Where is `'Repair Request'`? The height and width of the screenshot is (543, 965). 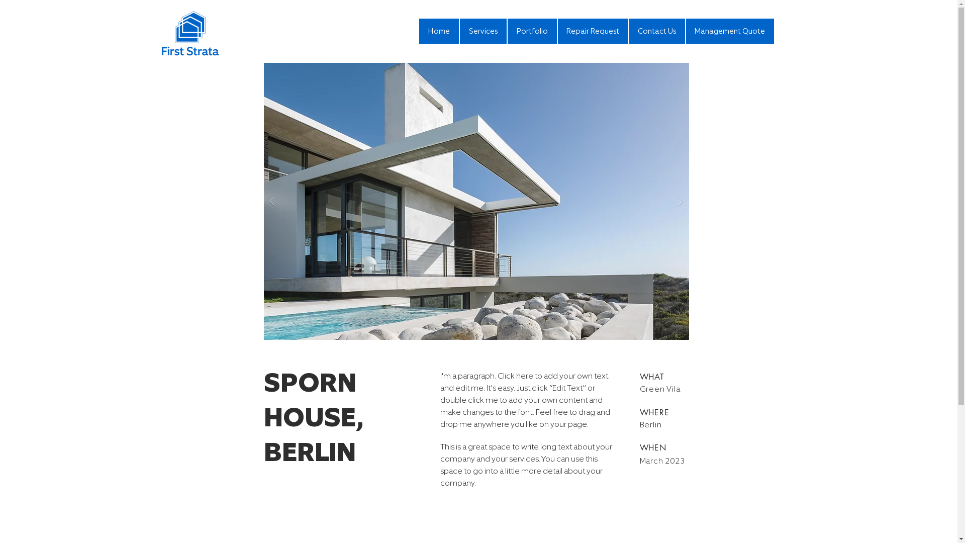
'Repair Request' is located at coordinates (593, 30).